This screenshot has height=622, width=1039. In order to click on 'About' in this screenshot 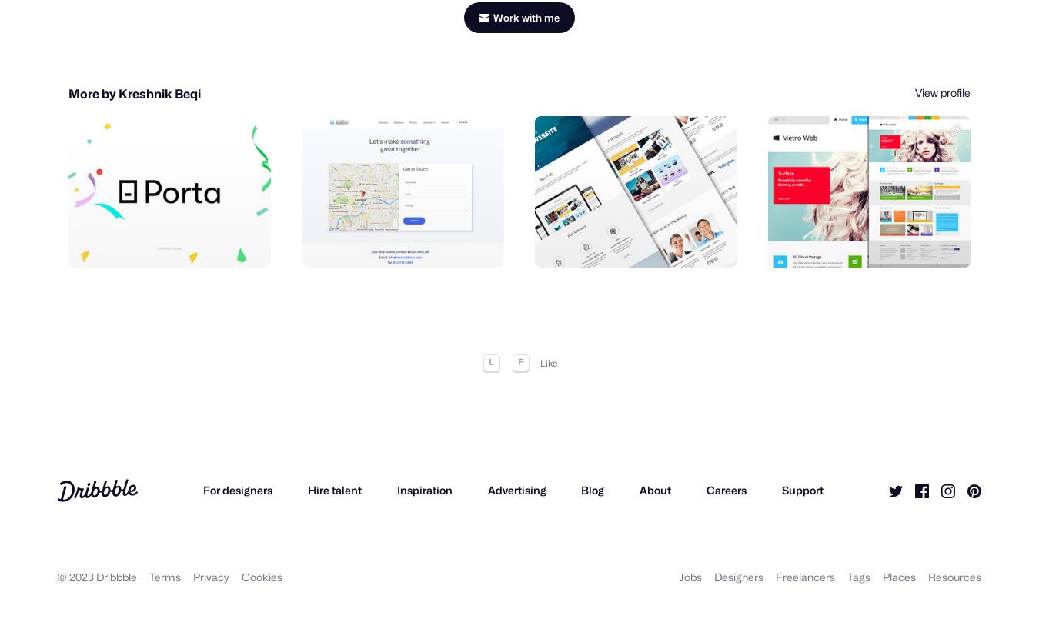, I will do `click(640, 494)`.